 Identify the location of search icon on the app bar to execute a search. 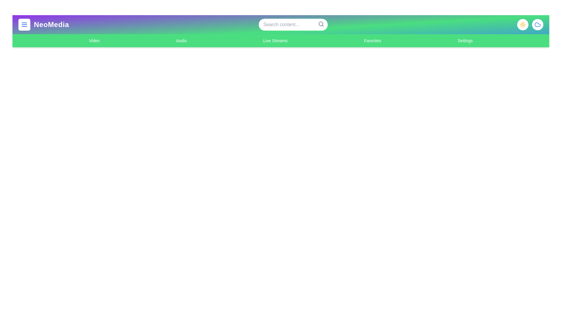
(321, 24).